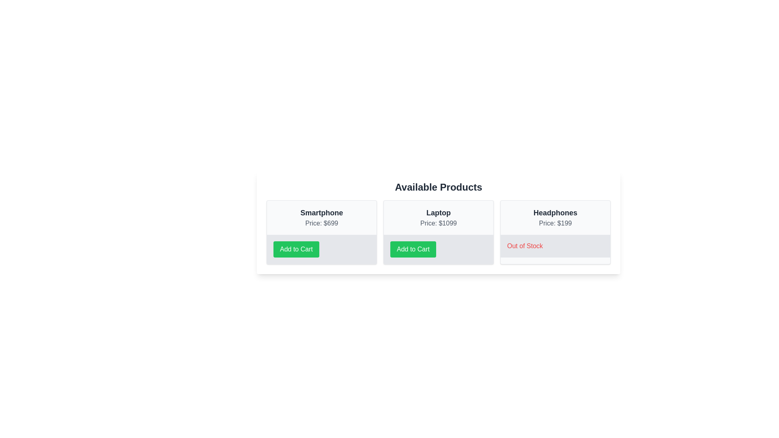 The image size is (779, 438). Describe the element at coordinates (413, 249) in the screenshot. I see `the 'Add Laptop to Cart' button` at that location.